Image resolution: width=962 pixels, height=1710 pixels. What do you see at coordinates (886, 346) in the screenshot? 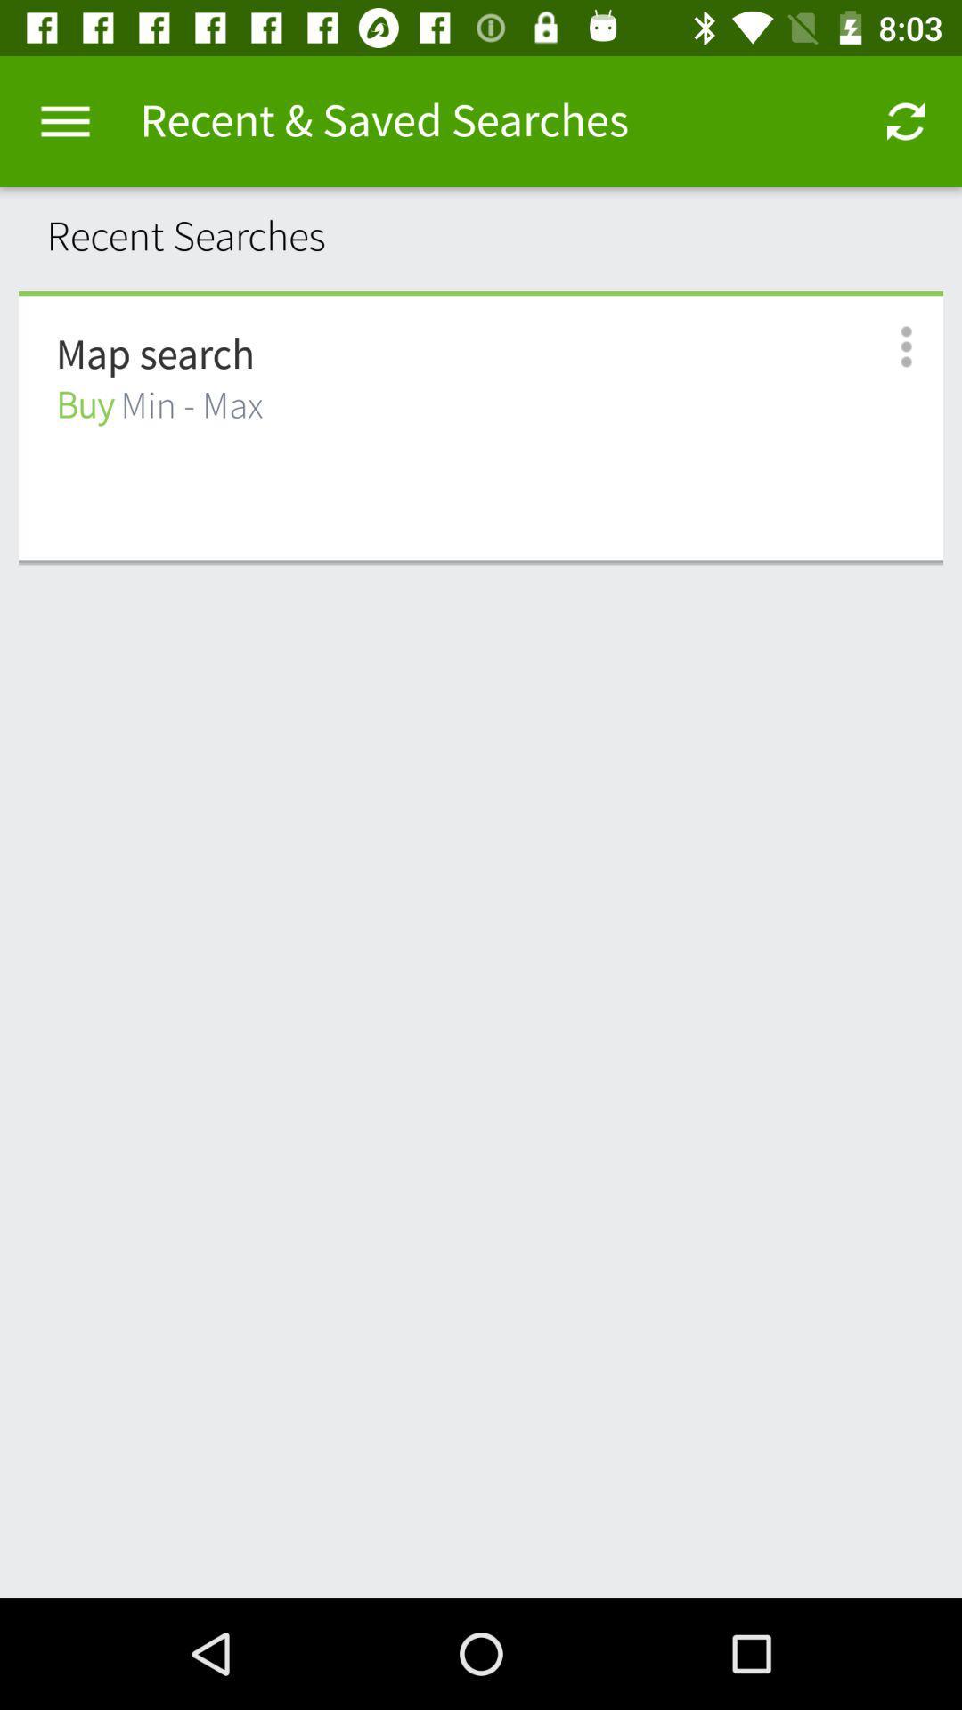
I see `icon to the right of the buy min - max` at bounding box center [886, 346].